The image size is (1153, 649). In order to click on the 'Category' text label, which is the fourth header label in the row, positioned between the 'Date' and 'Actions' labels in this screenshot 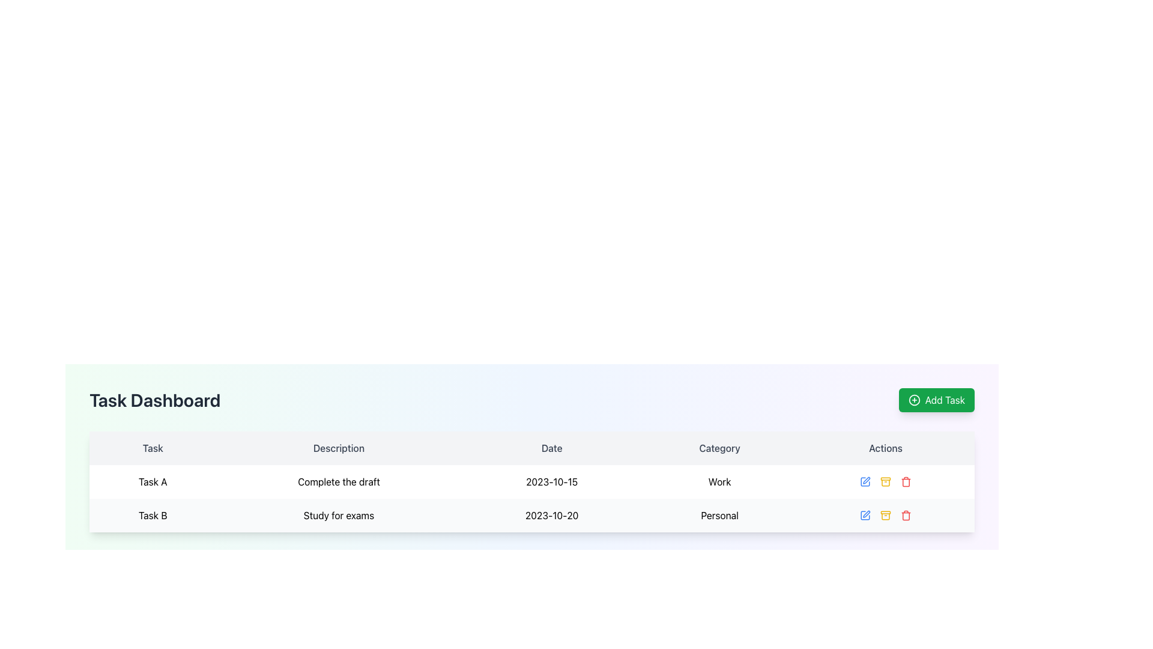, I will do `click(719, 448)`.